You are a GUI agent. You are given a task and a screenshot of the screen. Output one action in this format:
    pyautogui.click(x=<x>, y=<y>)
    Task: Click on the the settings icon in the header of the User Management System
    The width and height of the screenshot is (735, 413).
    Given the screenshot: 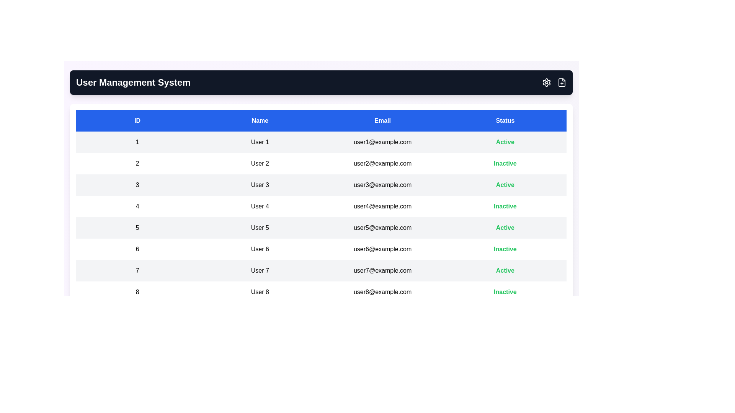 What is the action you would take?
    pyautogui.click(x=546, y=83)
    